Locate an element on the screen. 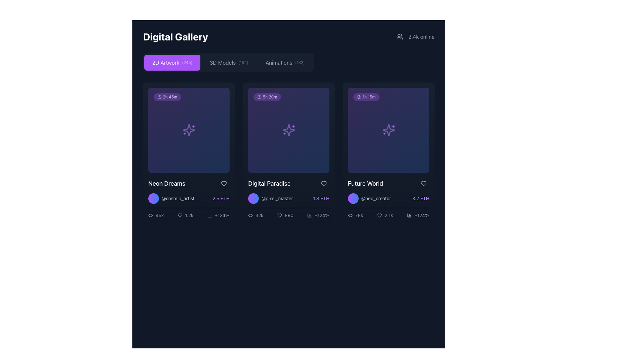  text displayed in the Statistic Label located below the heart icon of the 'Future World' gallery card is located at coordinates (418, 215).